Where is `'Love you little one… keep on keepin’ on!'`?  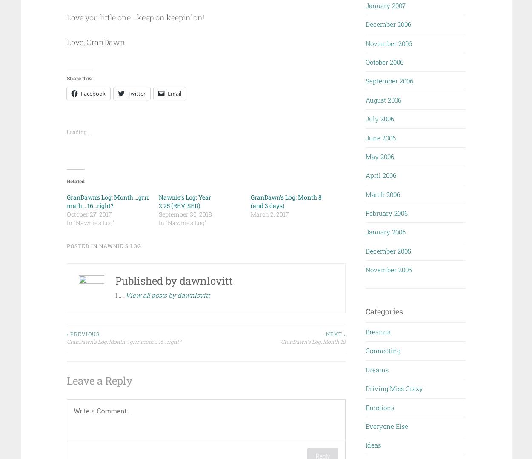
'Love you little one… keep on keepin’ on!' is located at coordinates (134, 17).